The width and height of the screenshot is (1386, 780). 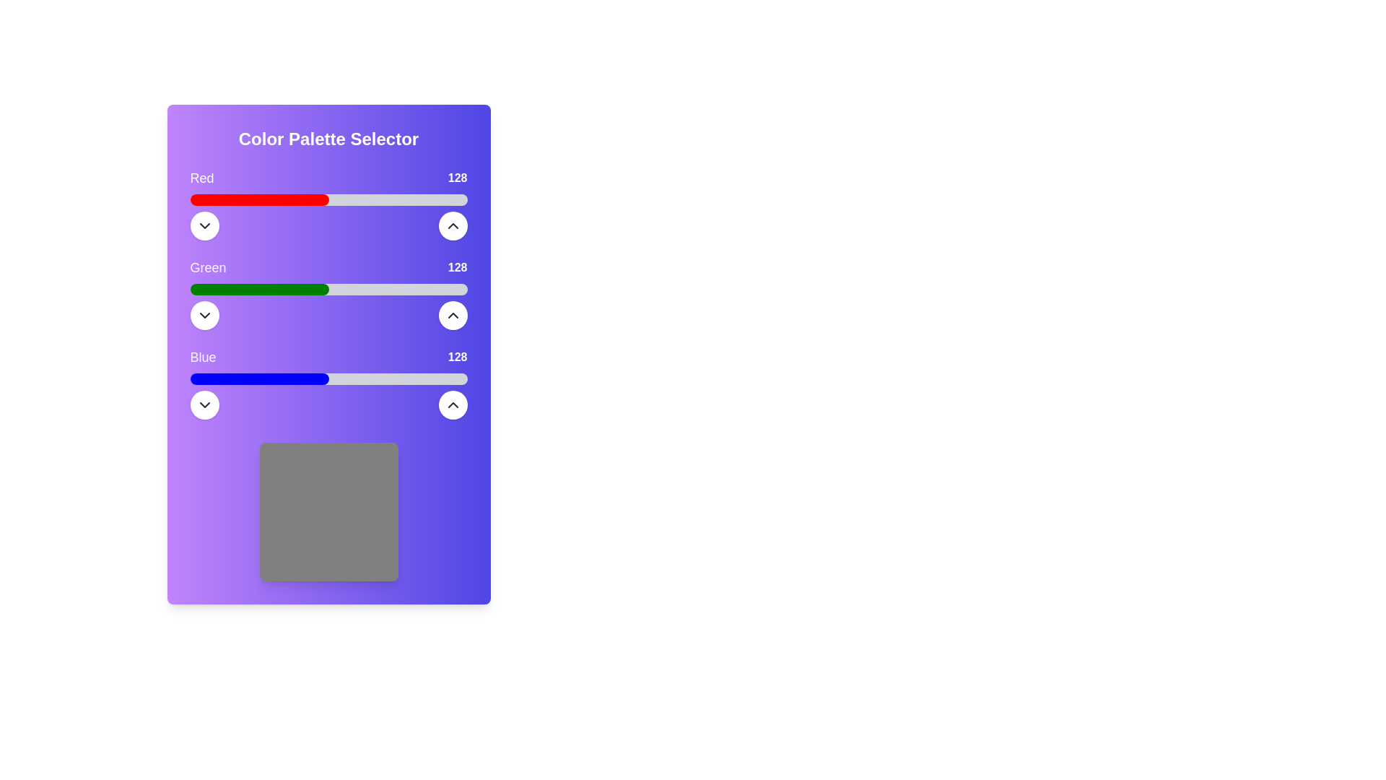 I want to click on the small, white circular button with a black upward-pointing chevron icon, located to the right of the 'Red' color slider, to increase the associated value, so click(x=452, y=225).